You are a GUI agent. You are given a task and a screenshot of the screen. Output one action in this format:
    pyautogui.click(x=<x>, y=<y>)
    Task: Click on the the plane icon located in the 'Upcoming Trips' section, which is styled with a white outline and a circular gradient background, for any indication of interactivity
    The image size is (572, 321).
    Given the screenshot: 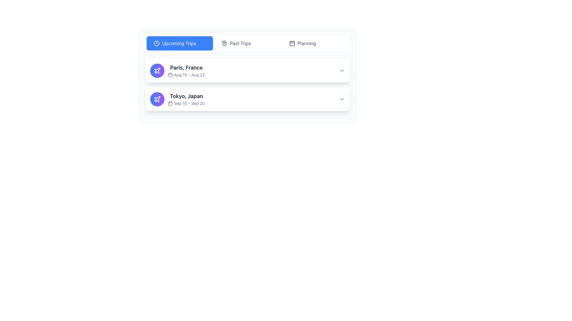 What is the action you would take?
    pyautogui.click(x=157, y=99)
    